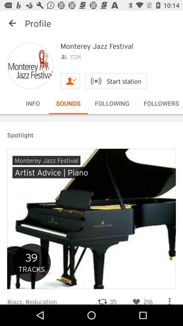  What do you see at coordinates (169, 298) in the screenshot?
I see `the more button at bottom right corner` at bounding box center [169, 298].